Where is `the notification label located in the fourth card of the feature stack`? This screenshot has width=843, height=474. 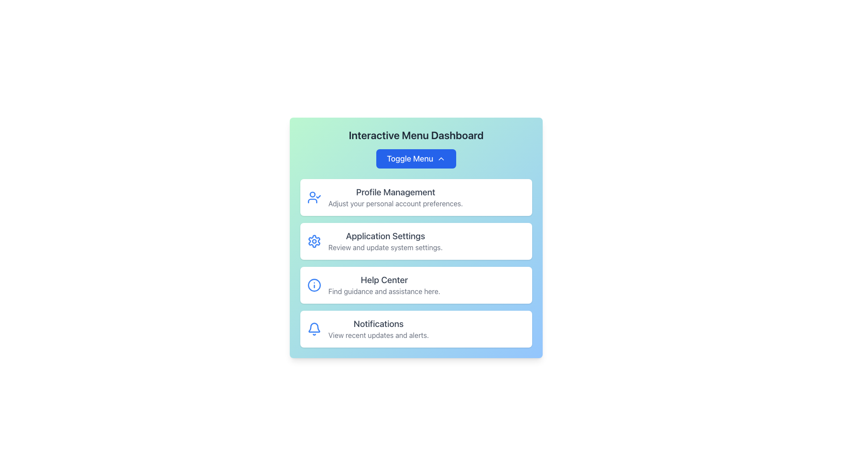
the notification label located in the fourth card of the feature stack is located at coordinates (378, 329).